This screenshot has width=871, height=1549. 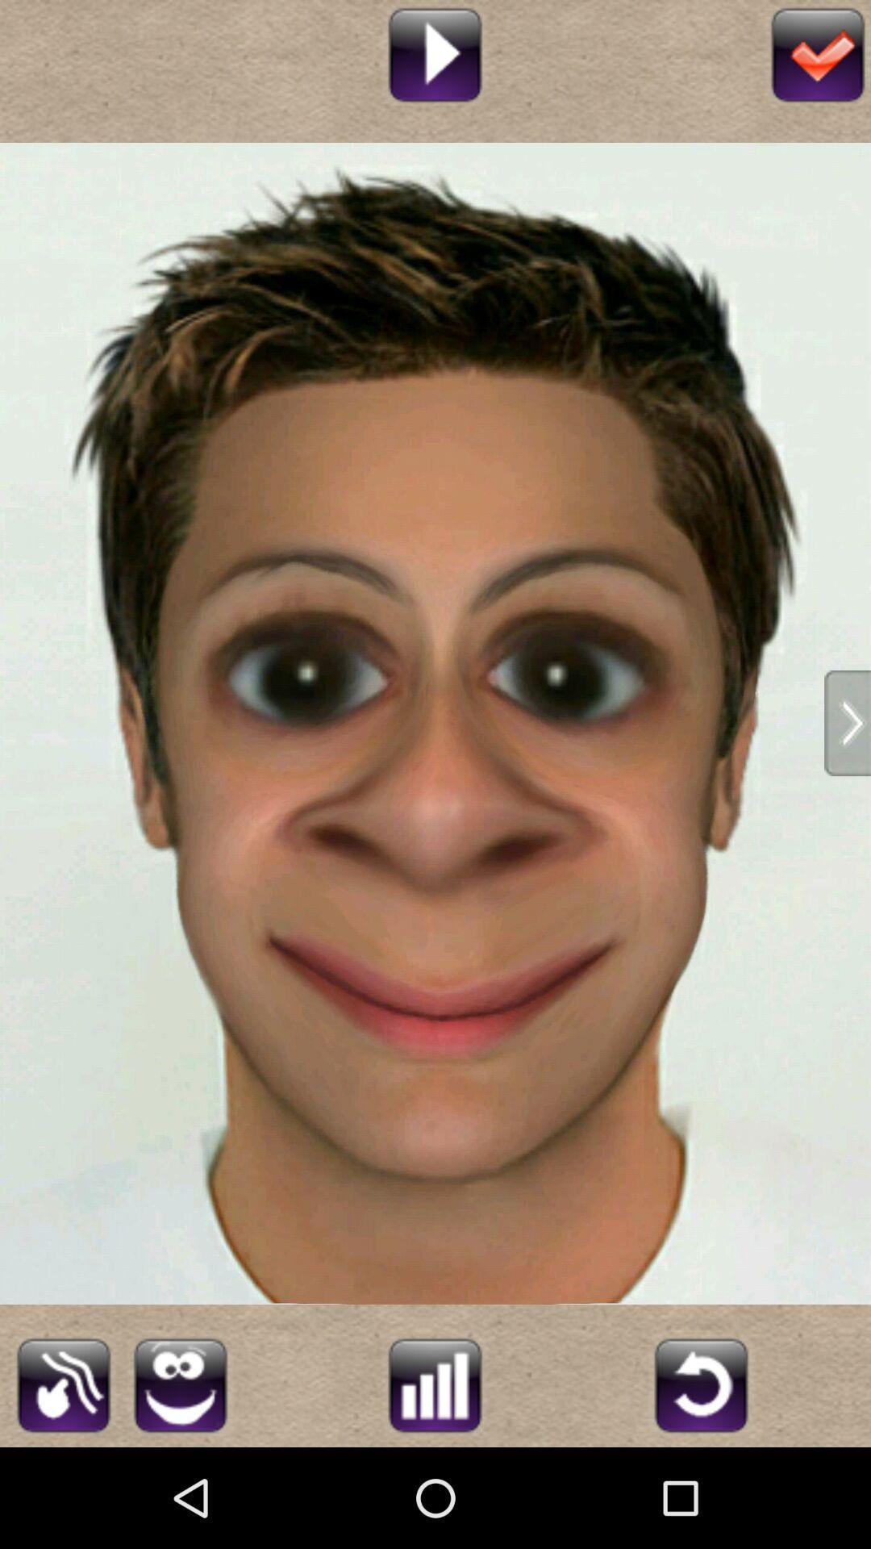 I want to click on deform photo, so click(x=180, y=1382).